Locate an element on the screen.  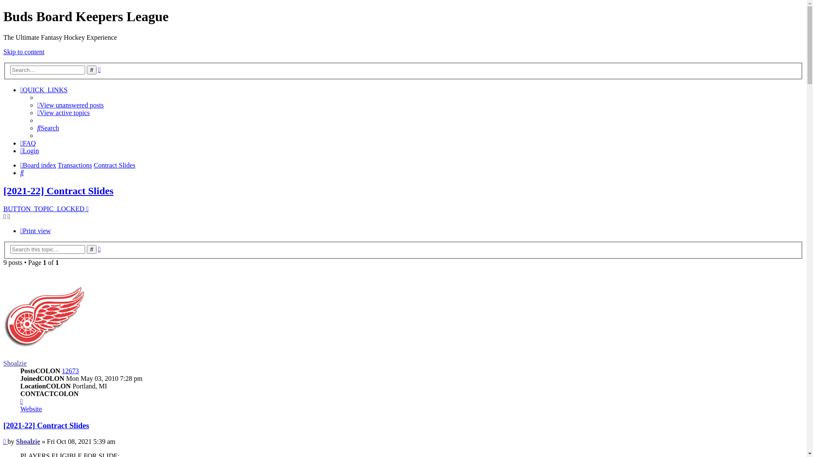
'12673' is located at coordinates (70, 370).